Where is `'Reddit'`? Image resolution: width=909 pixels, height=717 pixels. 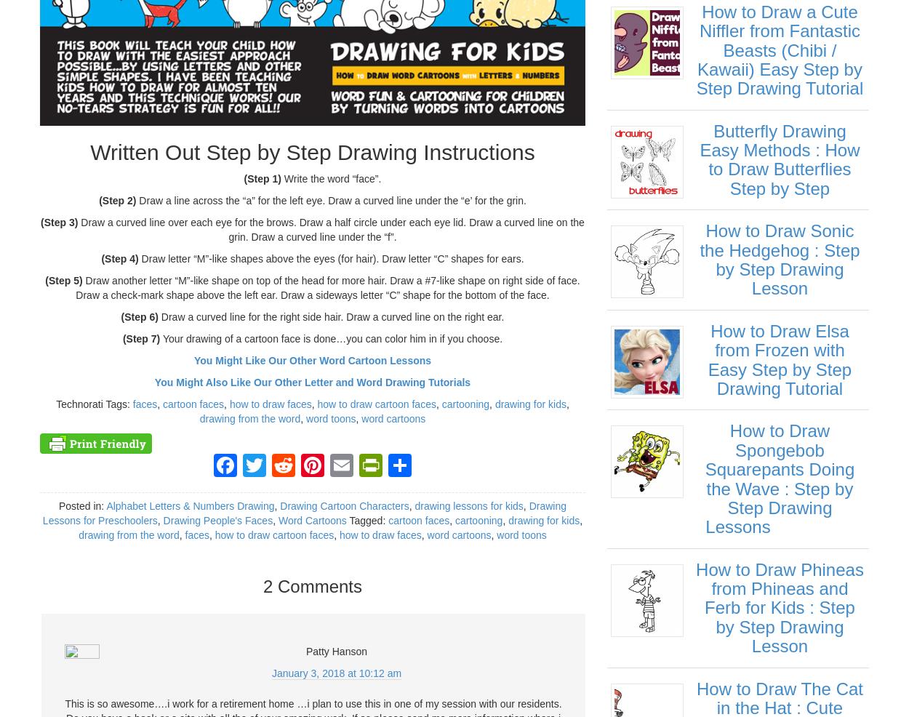
'Reddit' is located at coordinates (306, 510).